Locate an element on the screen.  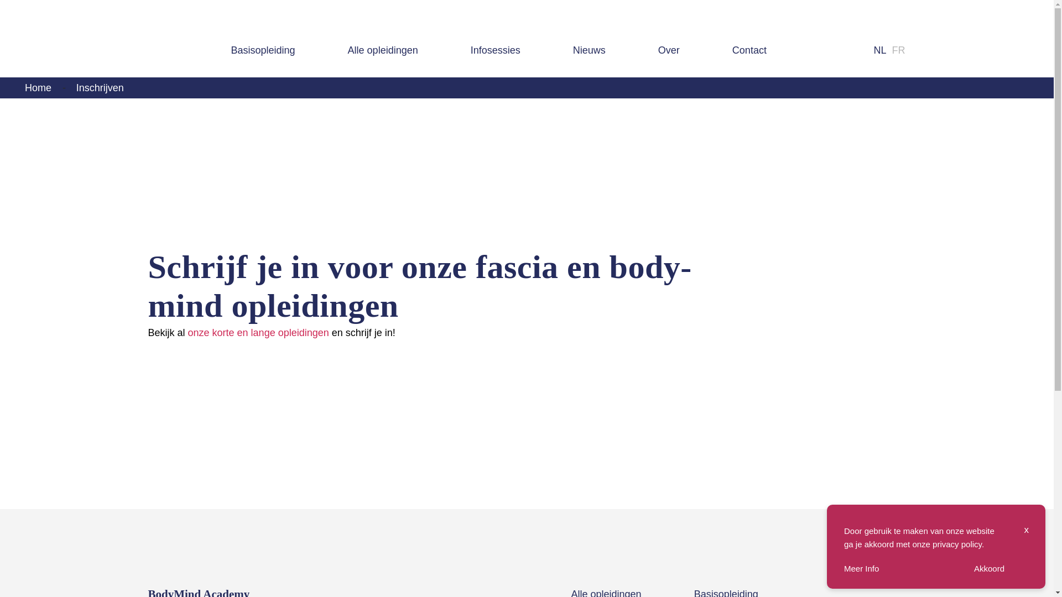
'Inschrijven' is located at coordinates (100, 87).